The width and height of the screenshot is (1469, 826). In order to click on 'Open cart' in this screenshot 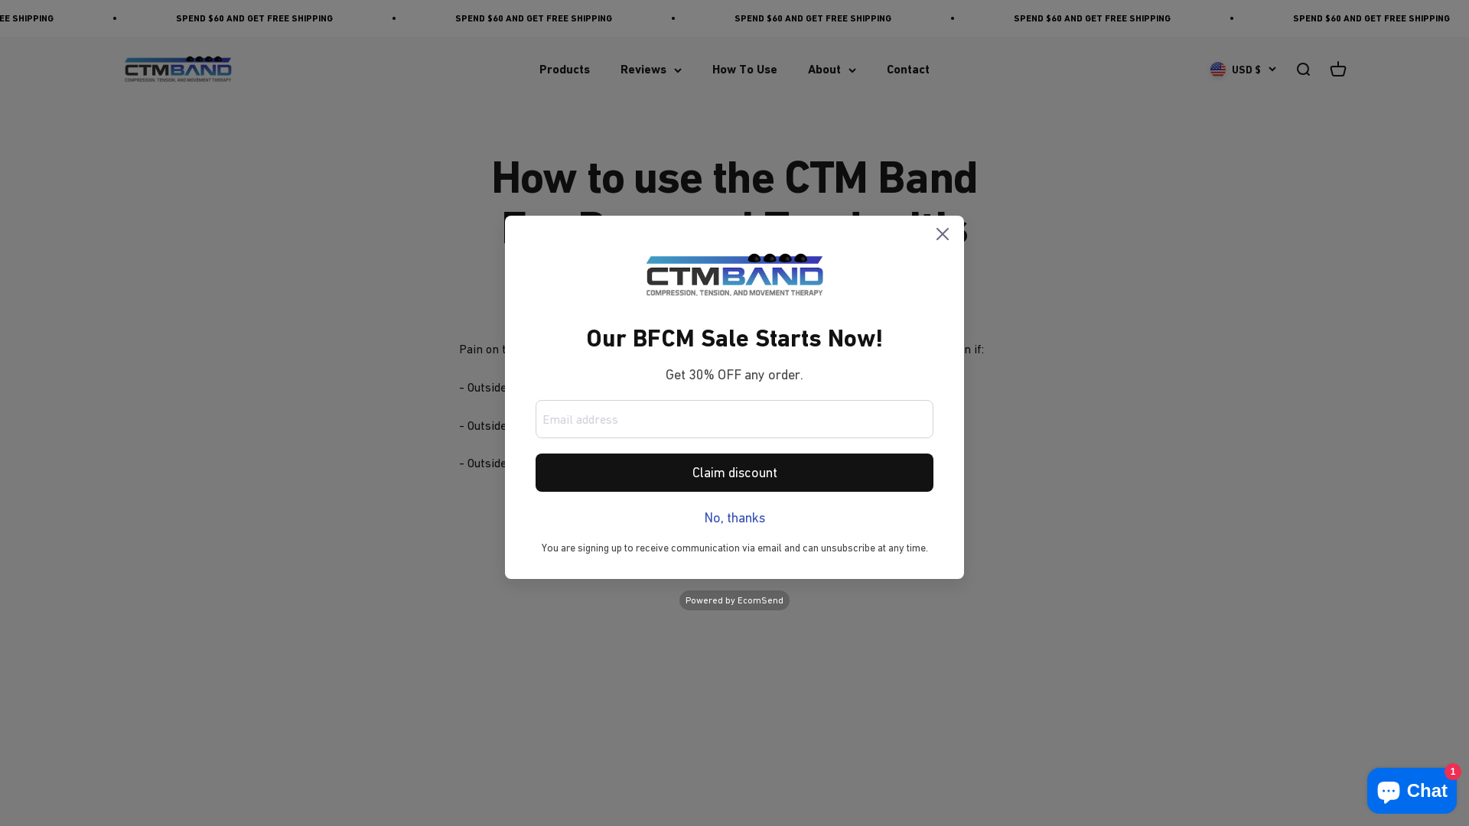, I will do `click(1337, 70)`.